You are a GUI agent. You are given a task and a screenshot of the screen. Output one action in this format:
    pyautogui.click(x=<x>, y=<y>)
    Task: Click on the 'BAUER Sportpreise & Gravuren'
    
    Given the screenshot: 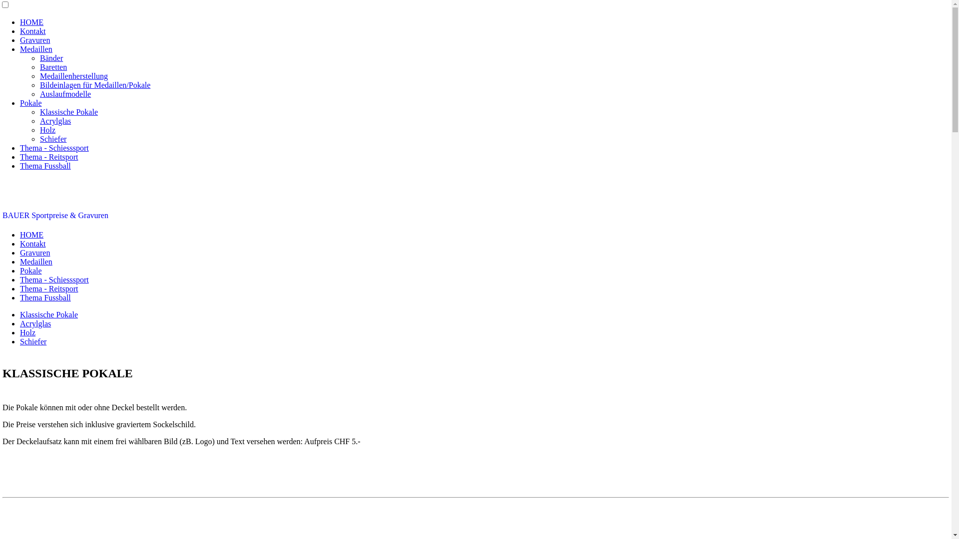 What is the action you would take?
    pyautogui.click(x=54, y=215)
    